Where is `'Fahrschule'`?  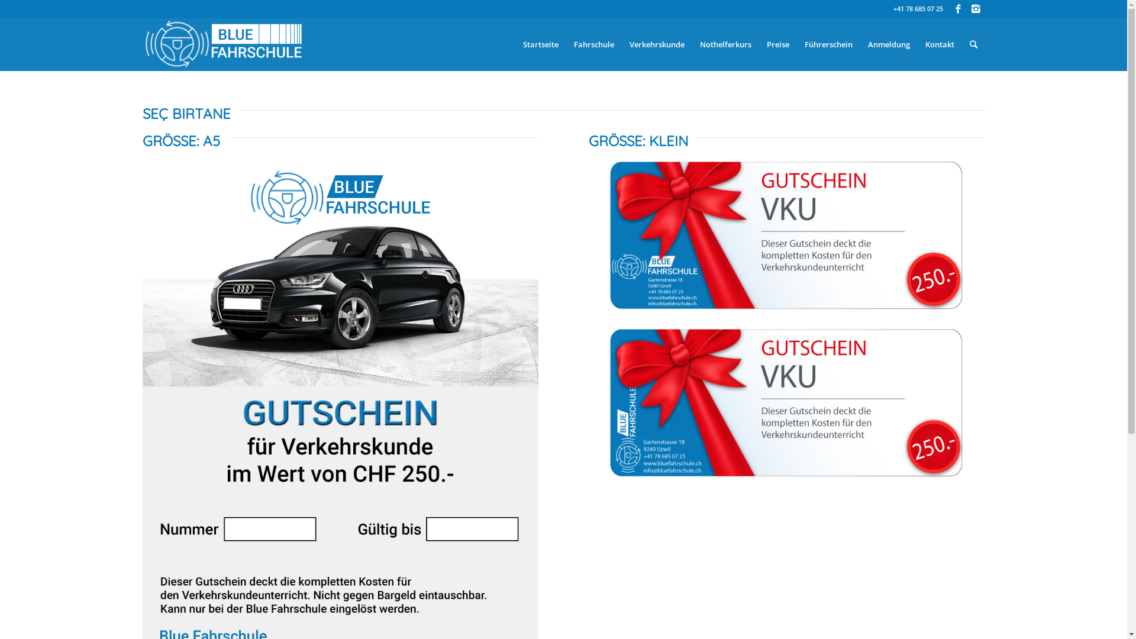
'Fahrschule' is located at coordinates (593, 43).